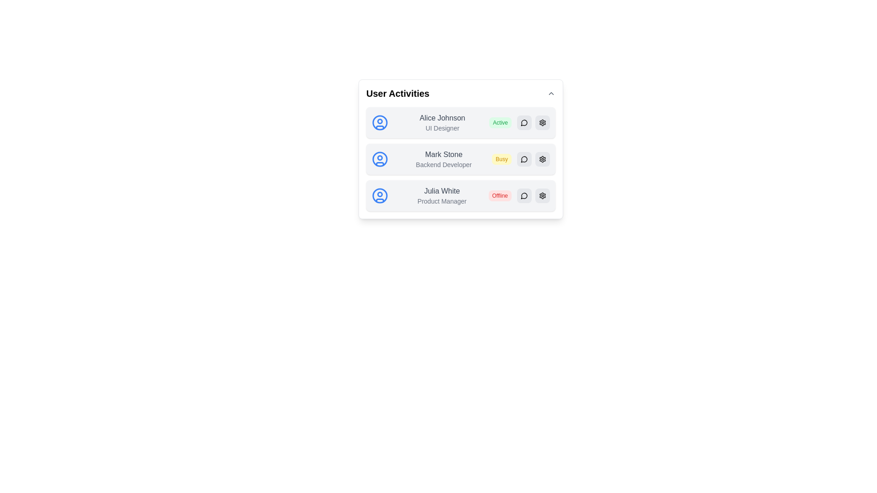  I want to click on the 'UI Designer' text label, which is styled in gray and positioned below the 'Alice Johnson' label within the user activity card, so click(442, 128).